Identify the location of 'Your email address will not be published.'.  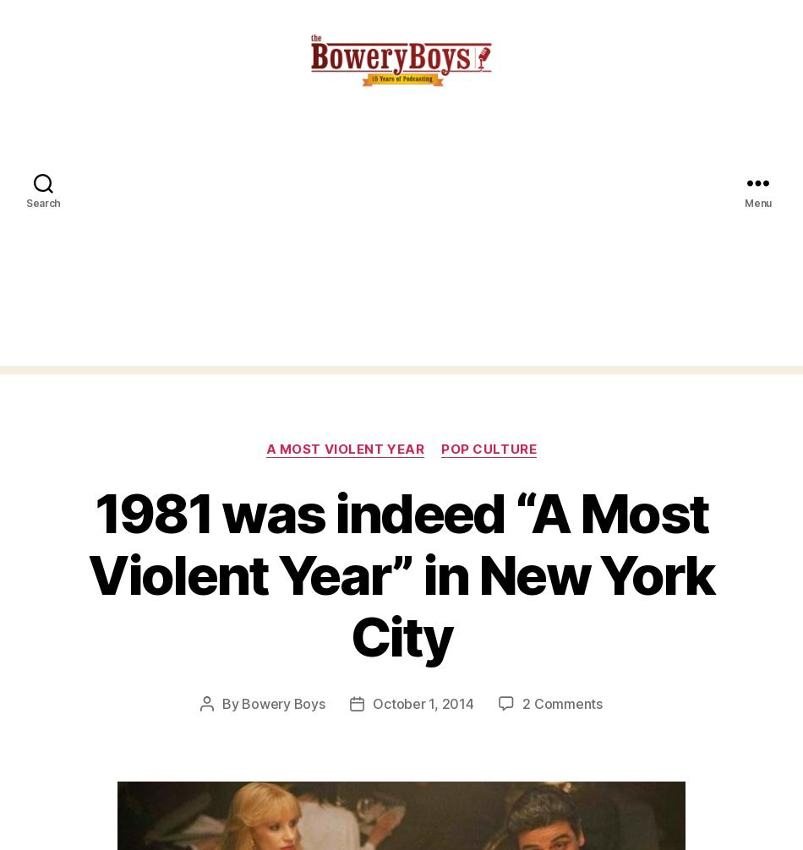
(170, 46).